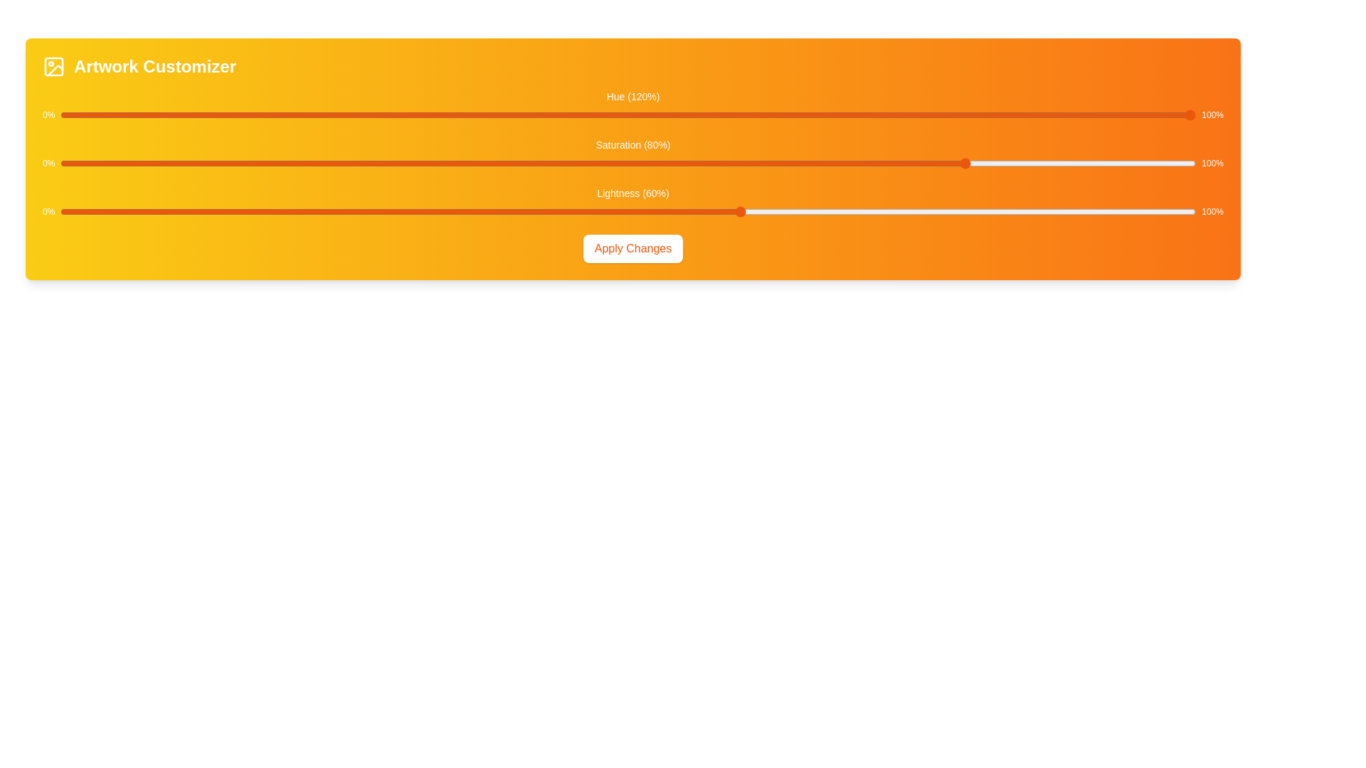  What do you see at coordinates (559, 114) in the screenshot?
I see `the hue slider to set its value to 44%` at bounding box center [559, 114].